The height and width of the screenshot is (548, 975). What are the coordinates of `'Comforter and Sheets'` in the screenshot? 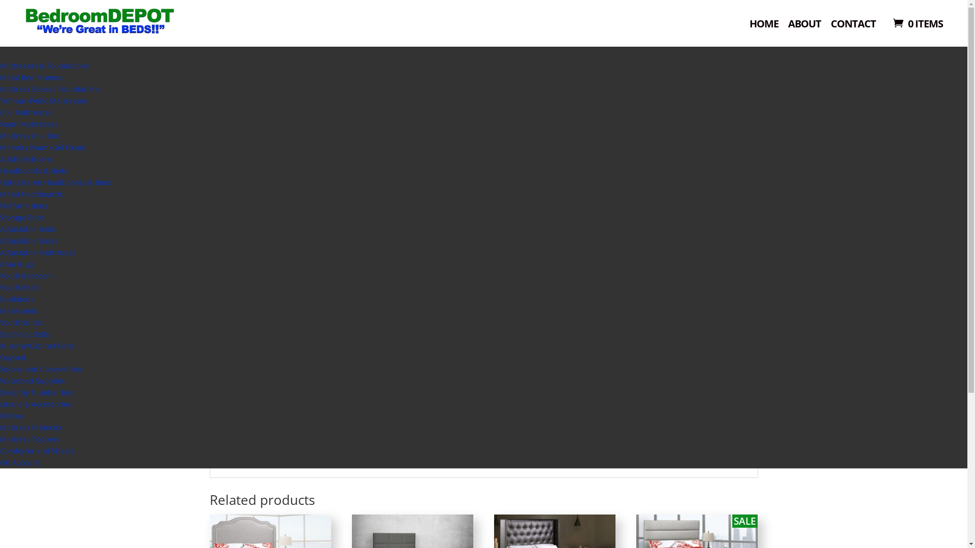 It's located at (37, 450).